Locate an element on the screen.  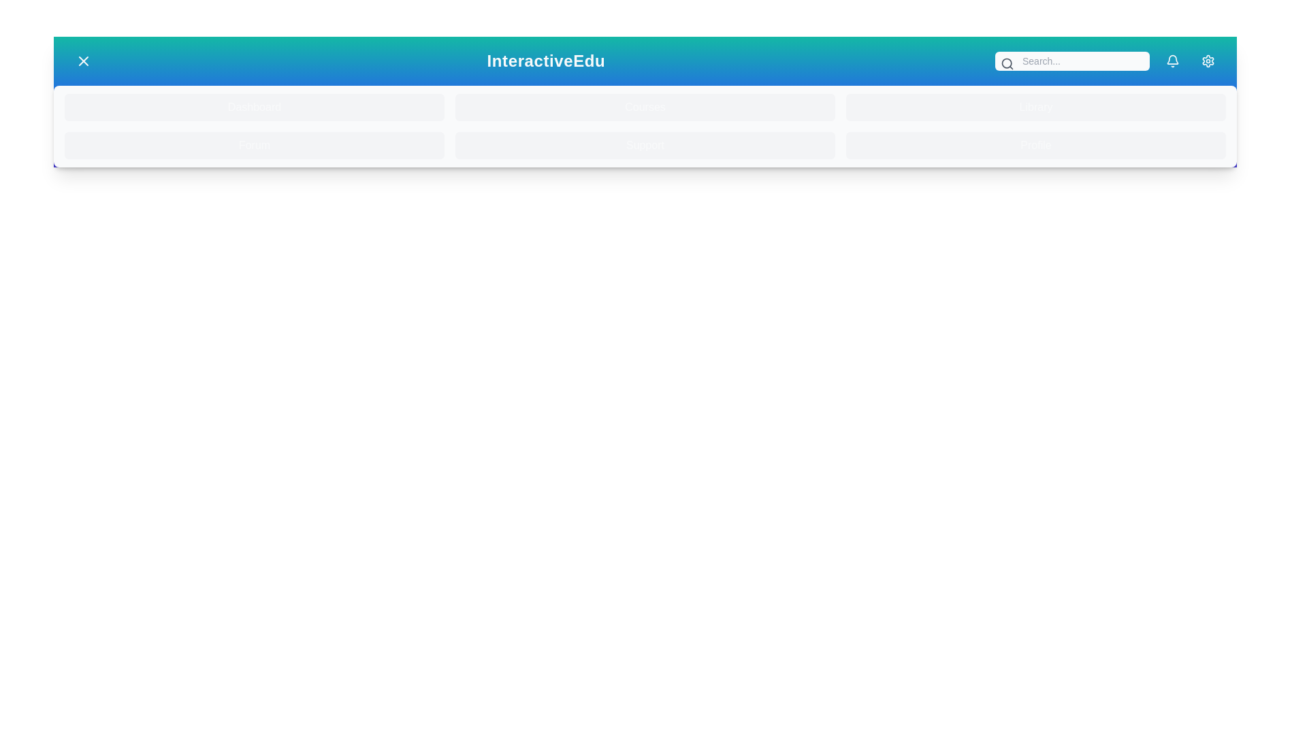
the menu item Dashboard from the menu is located at coordinates (255, 107).